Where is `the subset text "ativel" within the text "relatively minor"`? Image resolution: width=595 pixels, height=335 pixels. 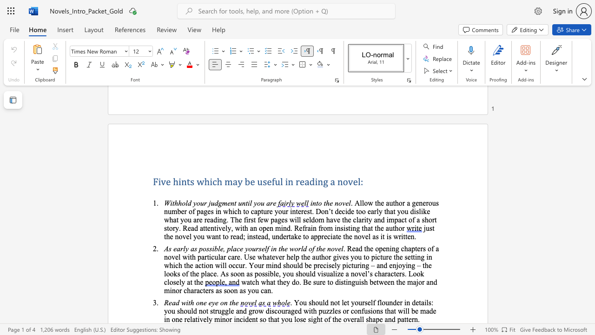 the subset text "ativel" within the text "relatively minor" is located at coordinates (192, 319).